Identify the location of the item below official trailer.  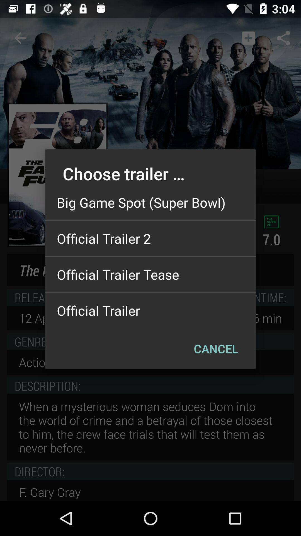
(216, 348).